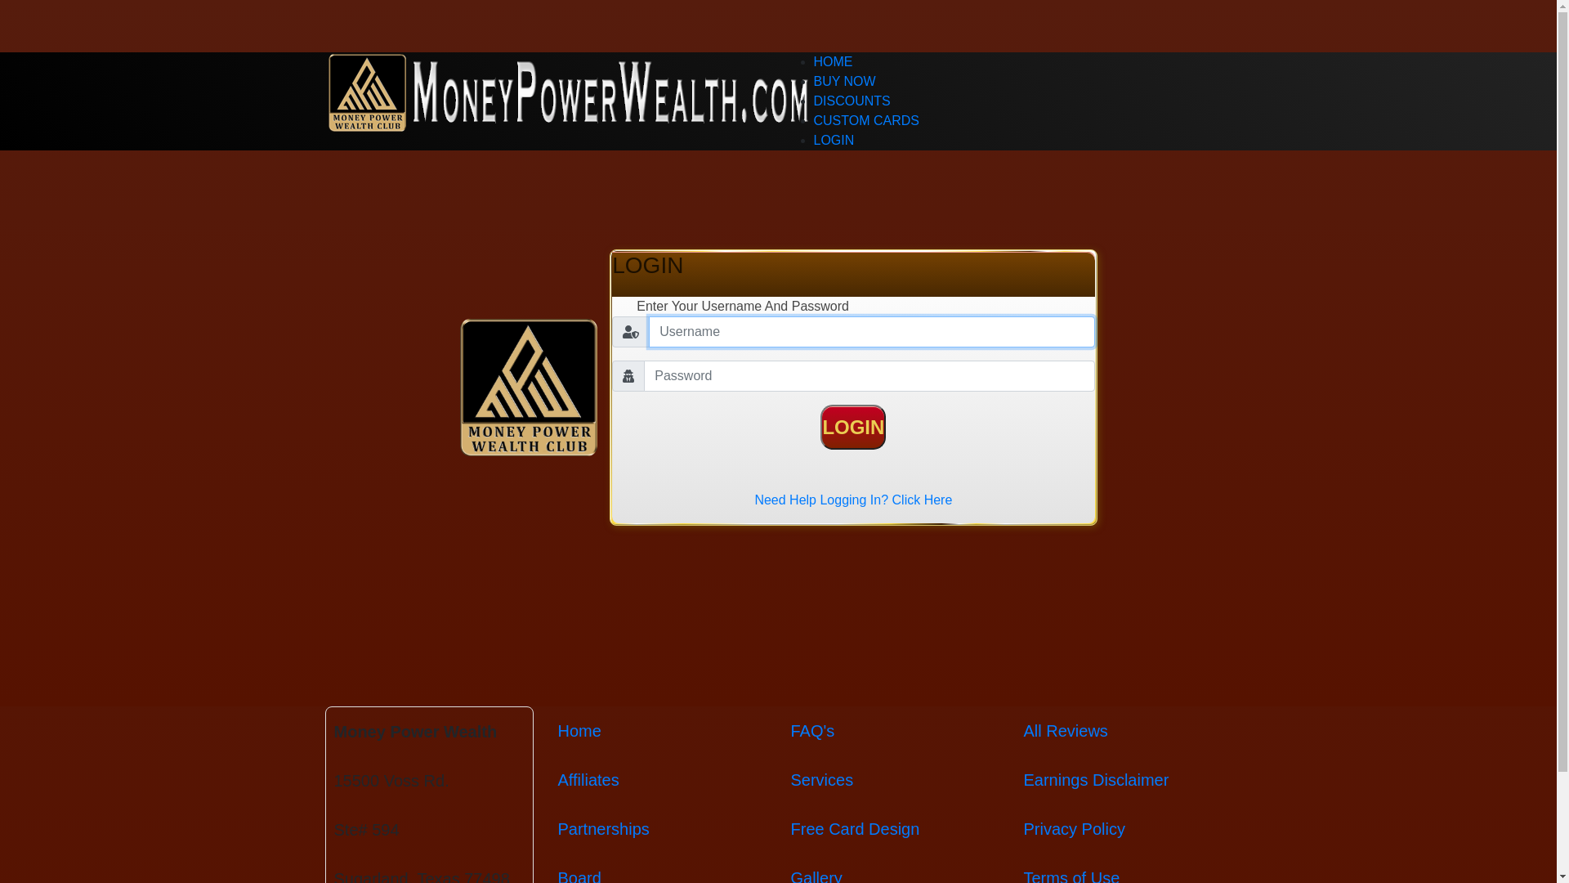 This screenshot has width=1569, height=883. What do you see at coordinates (844, 81) in the screenshot?
I see `'BUY NOW'` at bounding box center [844, 81].